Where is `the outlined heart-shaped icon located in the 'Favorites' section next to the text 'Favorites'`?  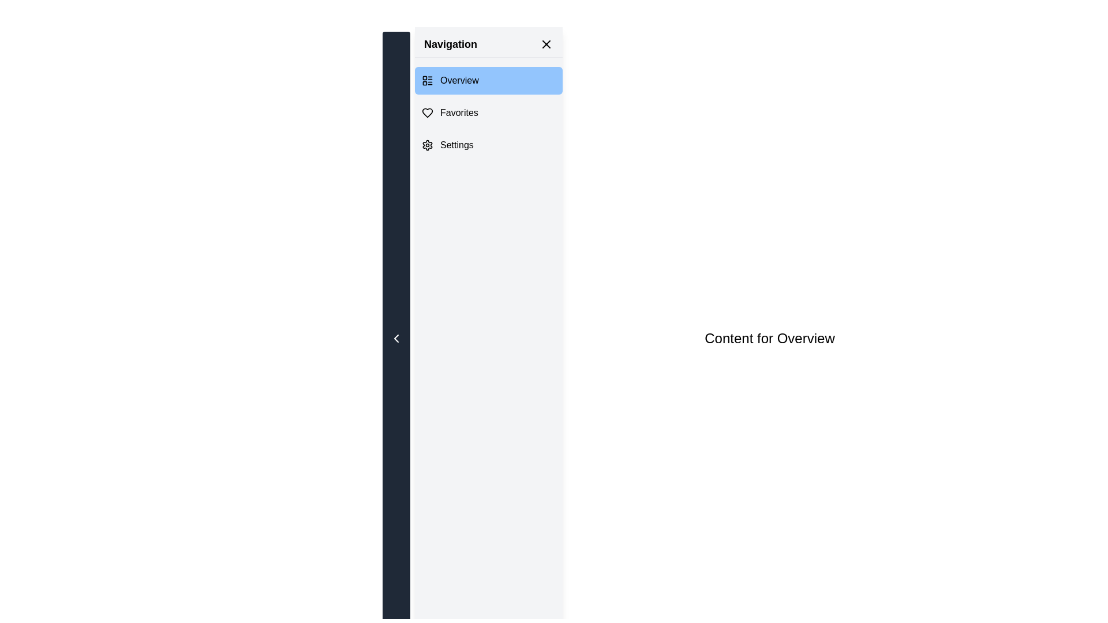
the outlined heart-shaped icon located in the 'Favorites' section next to the text 'Favorites' is located at coordinates (426, 113).